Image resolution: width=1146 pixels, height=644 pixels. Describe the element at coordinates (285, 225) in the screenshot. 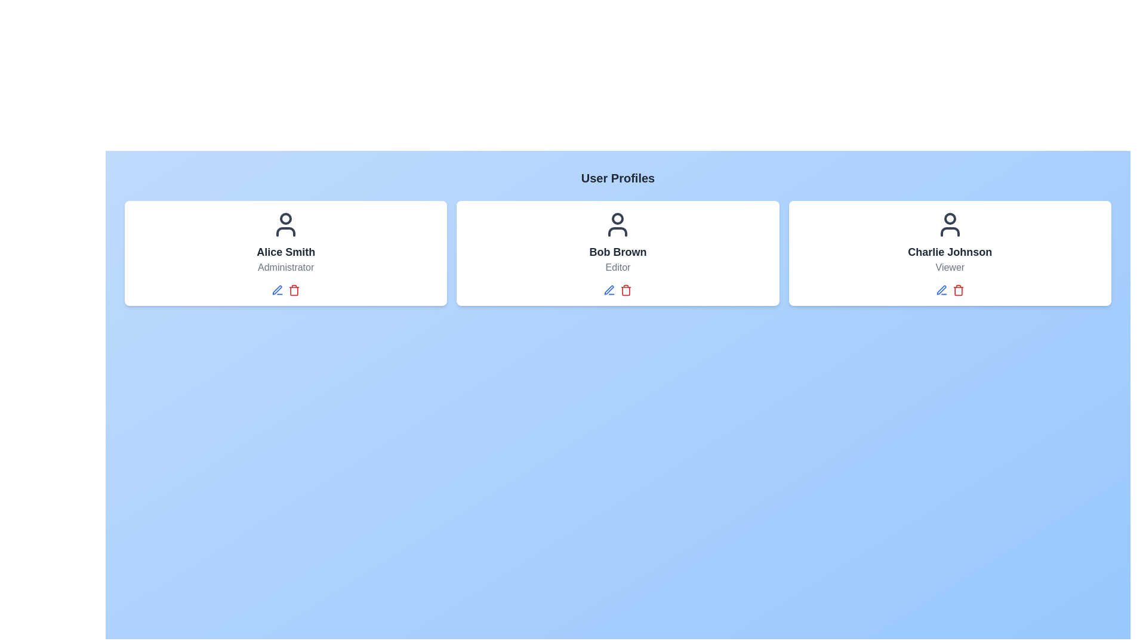

I see `the user profile icon for 'Alice Smith' located at the upper center of her card above the labels 'Alice Smith' and 'Administrator'` at that location.